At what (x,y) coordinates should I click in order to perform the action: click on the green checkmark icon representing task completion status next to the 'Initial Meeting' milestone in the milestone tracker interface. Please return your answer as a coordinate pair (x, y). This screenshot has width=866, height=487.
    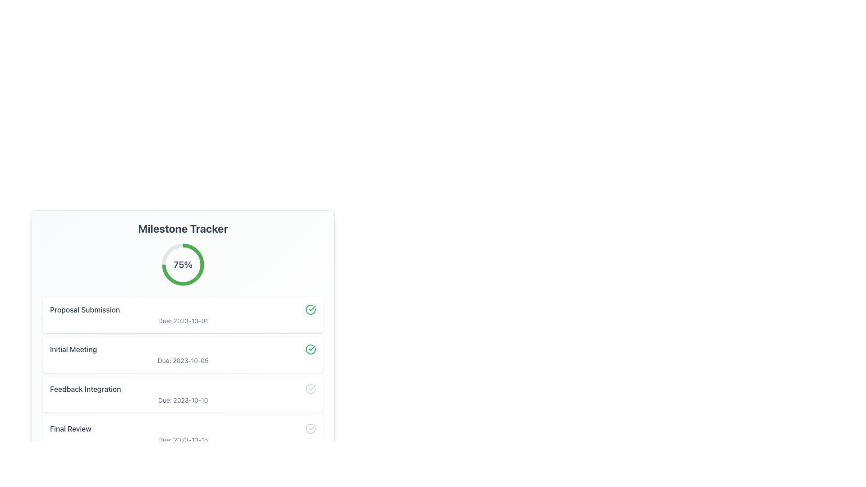
    Looking at the image, I should click on (312, 347).